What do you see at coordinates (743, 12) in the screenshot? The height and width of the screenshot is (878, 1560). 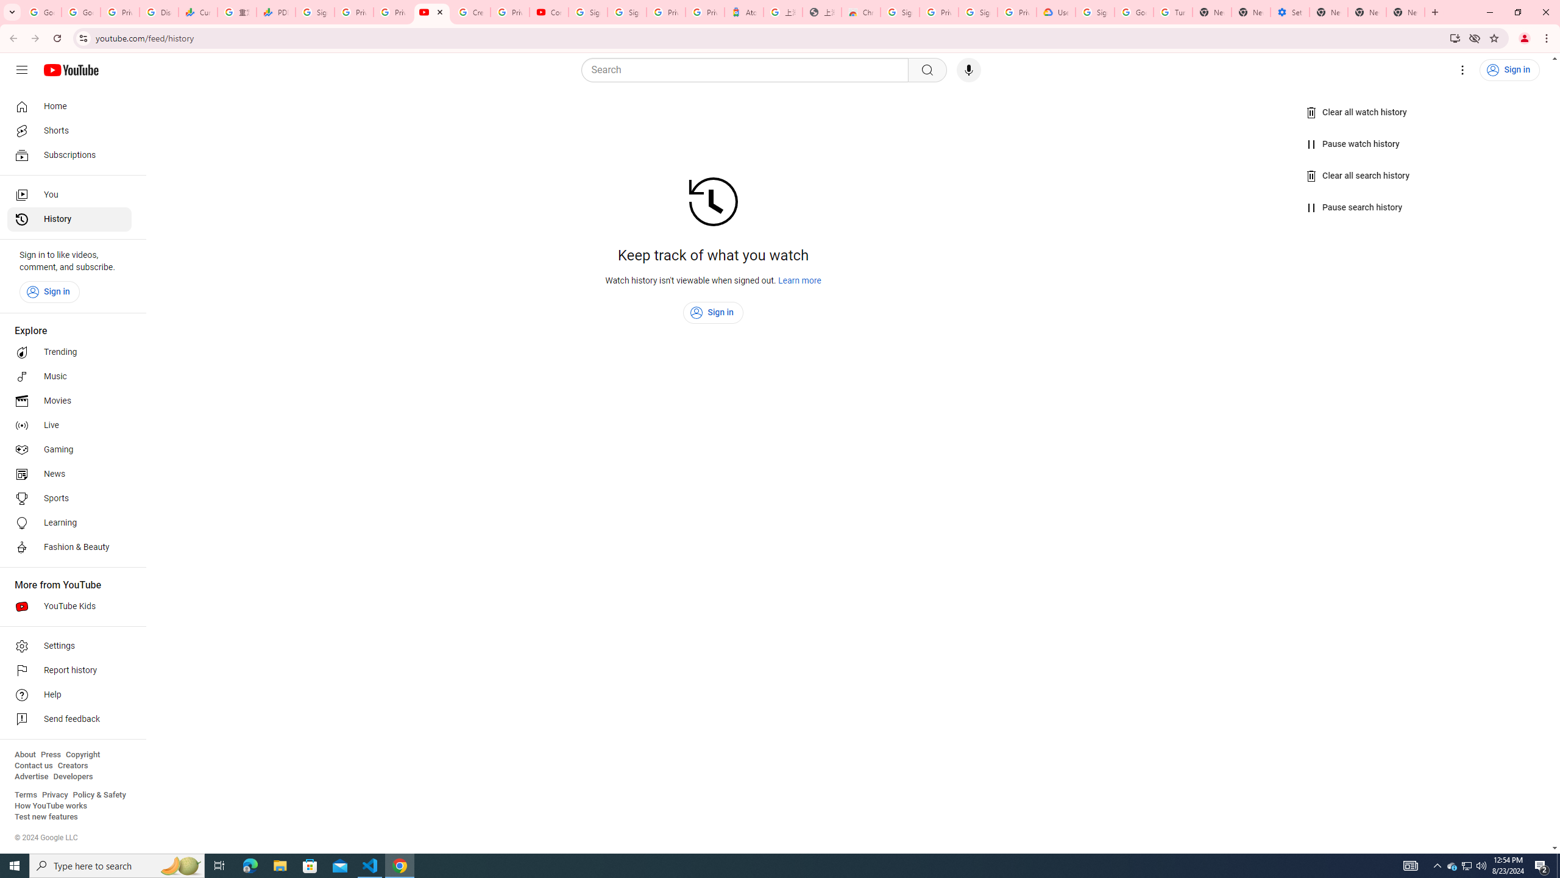 I see `'Atour Hotel - Google hotels'` at bounding box center [743, 12].